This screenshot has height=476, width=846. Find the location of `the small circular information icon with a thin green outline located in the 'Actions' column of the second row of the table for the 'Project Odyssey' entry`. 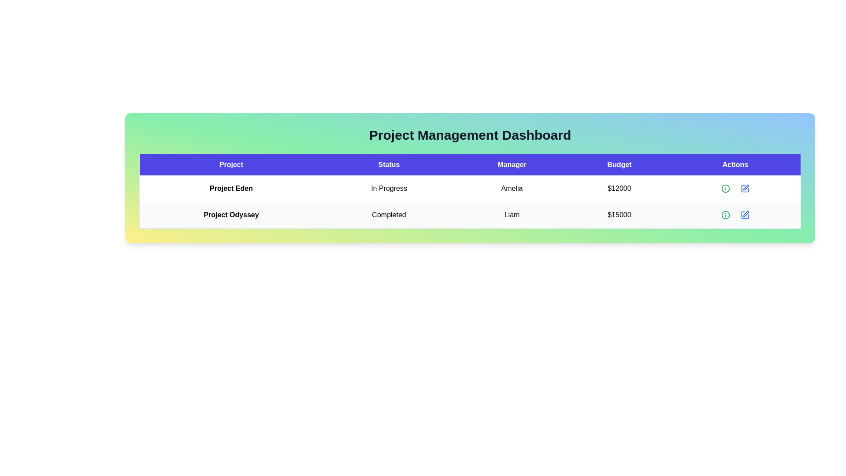

the small circular information icon with a thin green outline located in the 'Actions' column of the second row of the table for the 'Project Odyssey' entry is located at coordinates (725, 188).